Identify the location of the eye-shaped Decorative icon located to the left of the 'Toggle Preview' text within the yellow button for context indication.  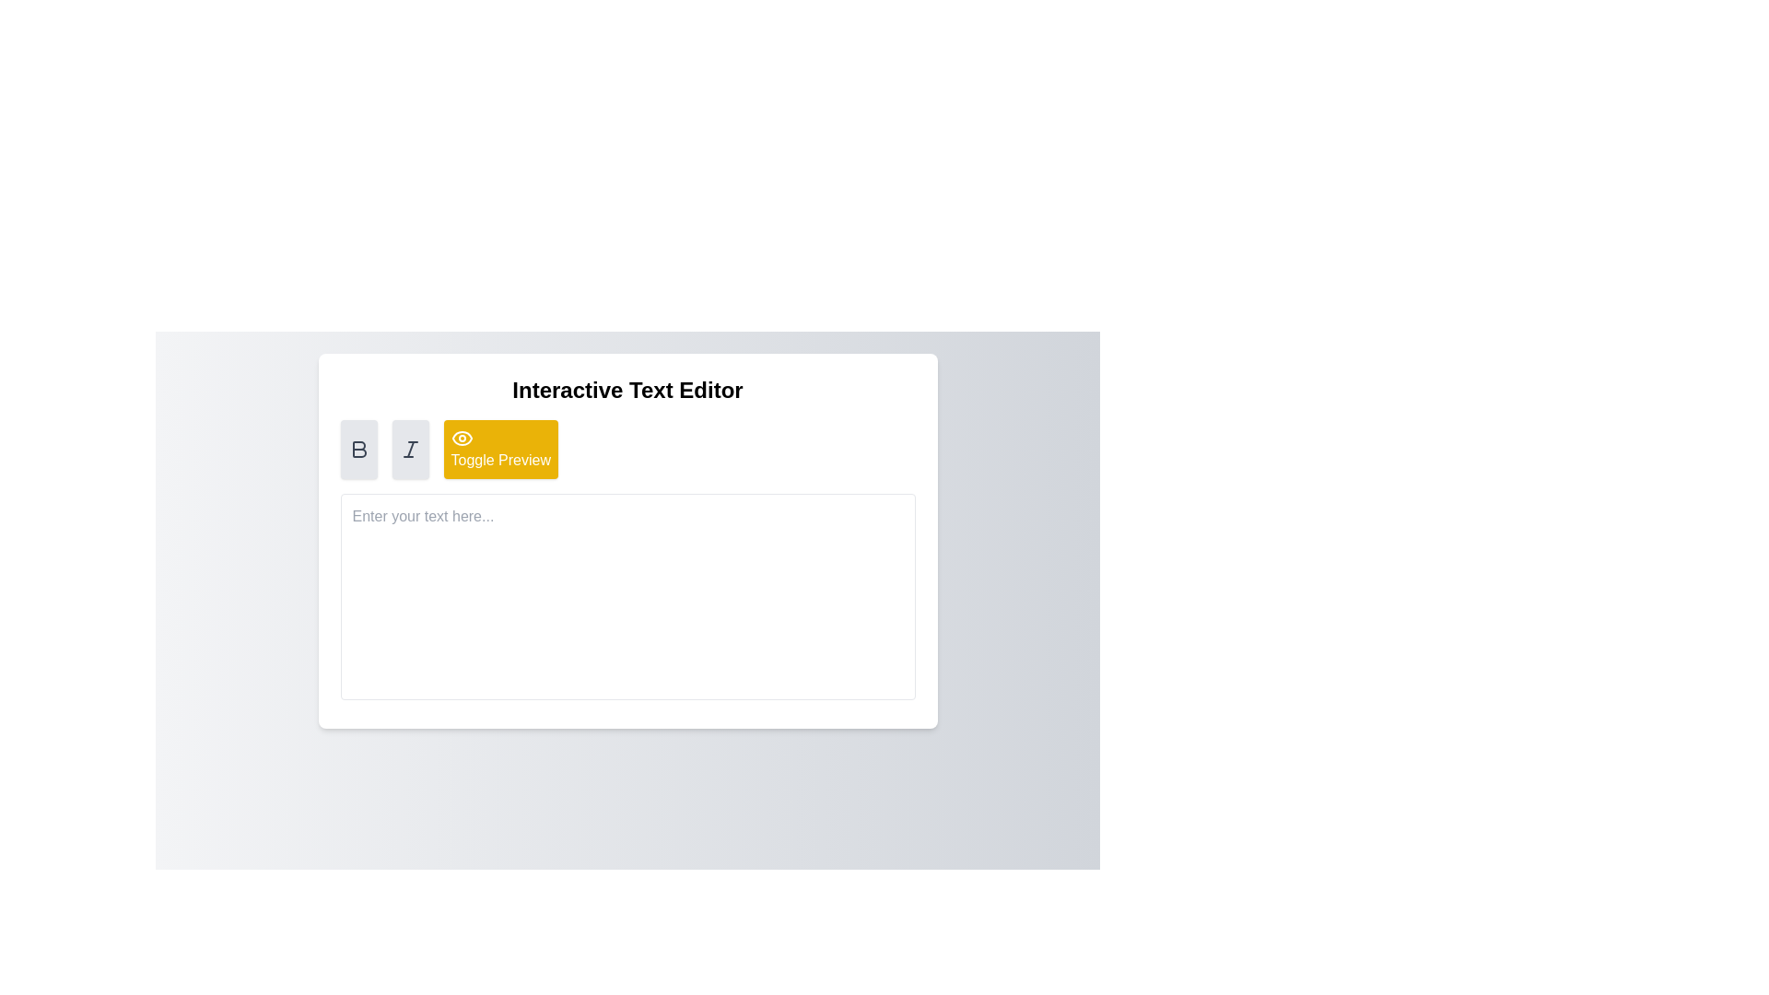
(462, 438).